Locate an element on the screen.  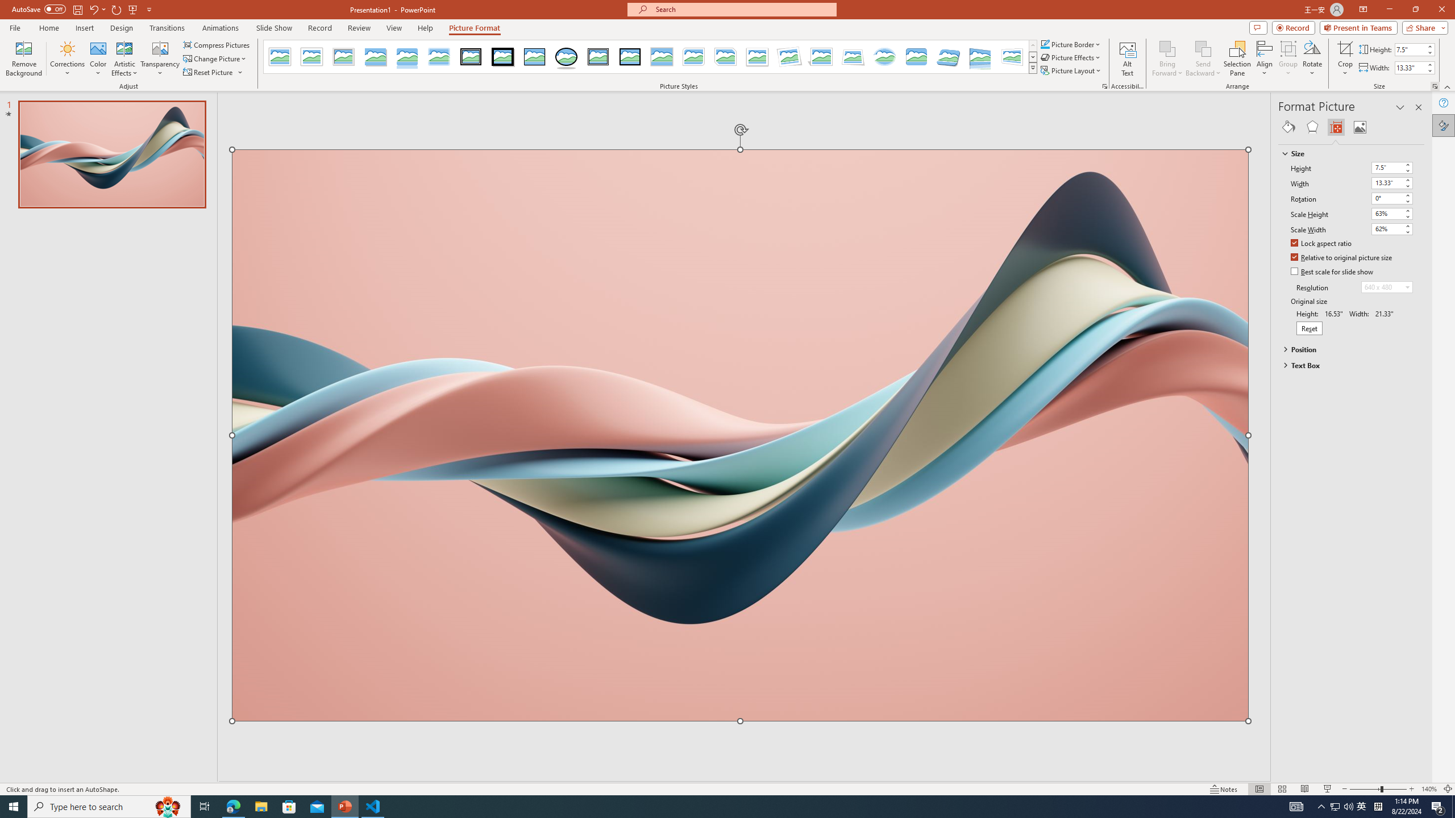
'AutoSave' is located at coordinates (39, 9).